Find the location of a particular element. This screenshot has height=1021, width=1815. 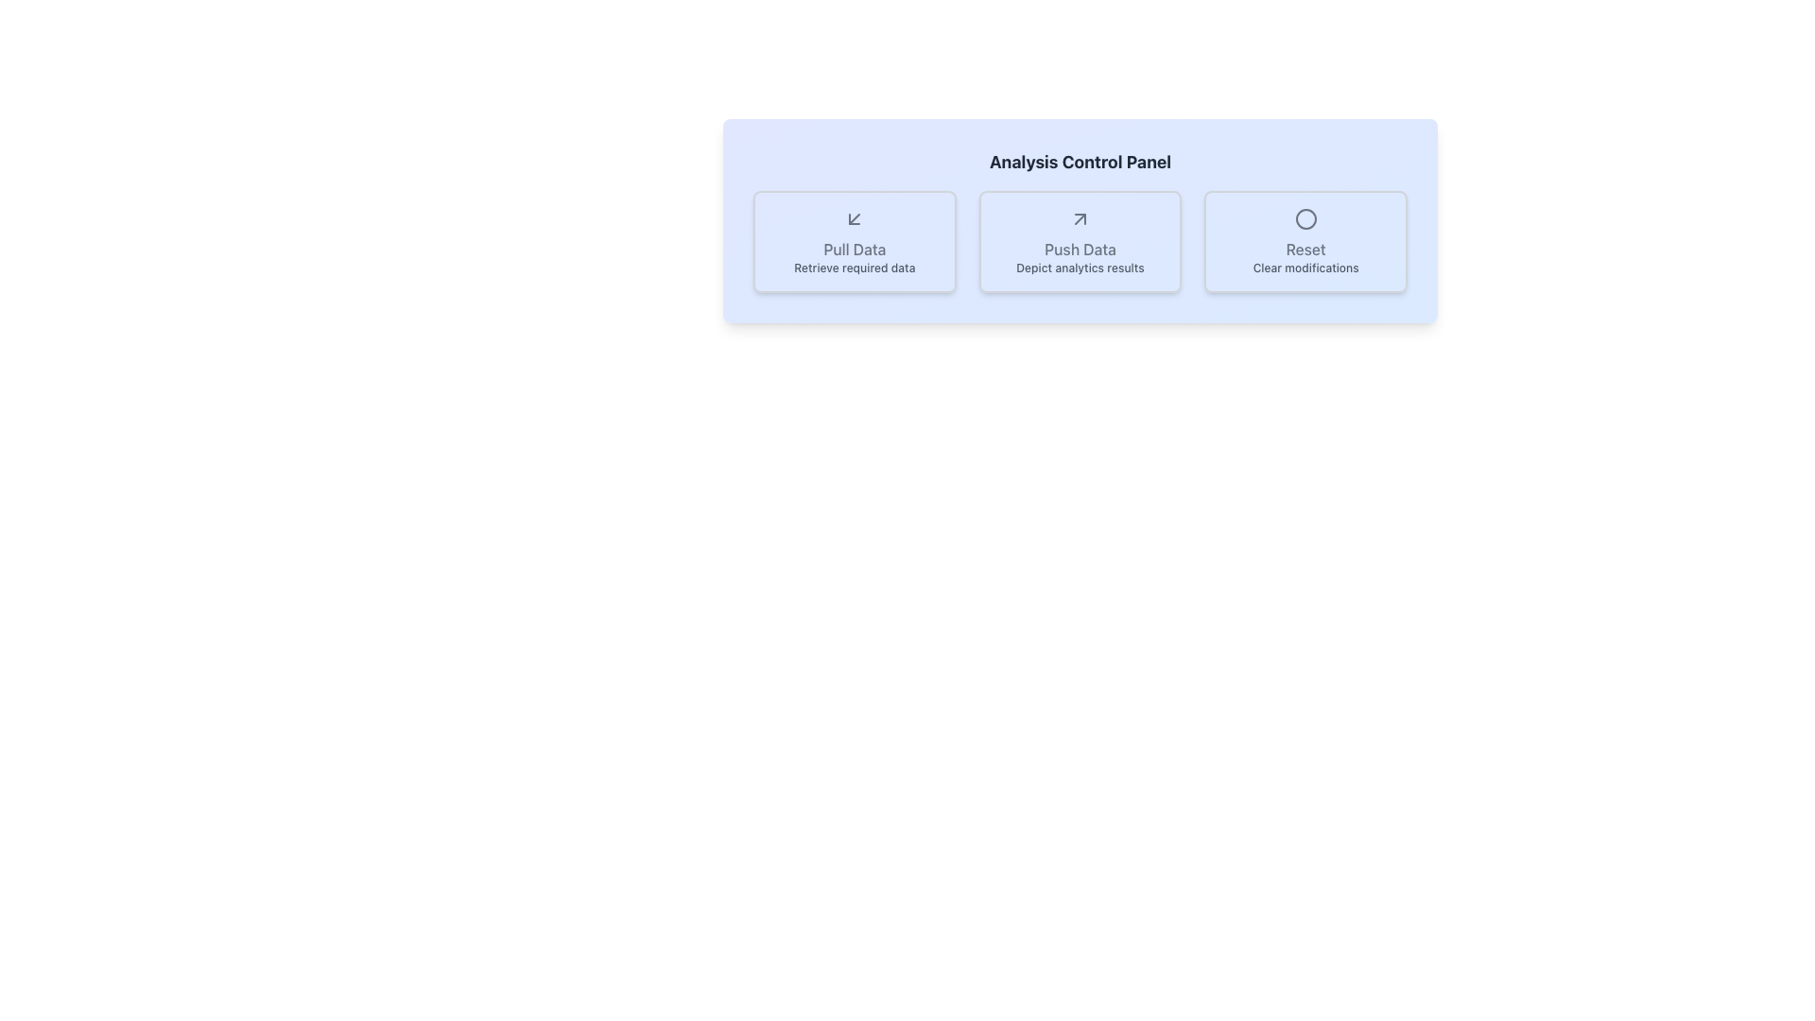

the informational text label located at the bottom of the 'Reset' box, which indicates reverting or clearing changes made in the section is located at coordinates (1305, 268).